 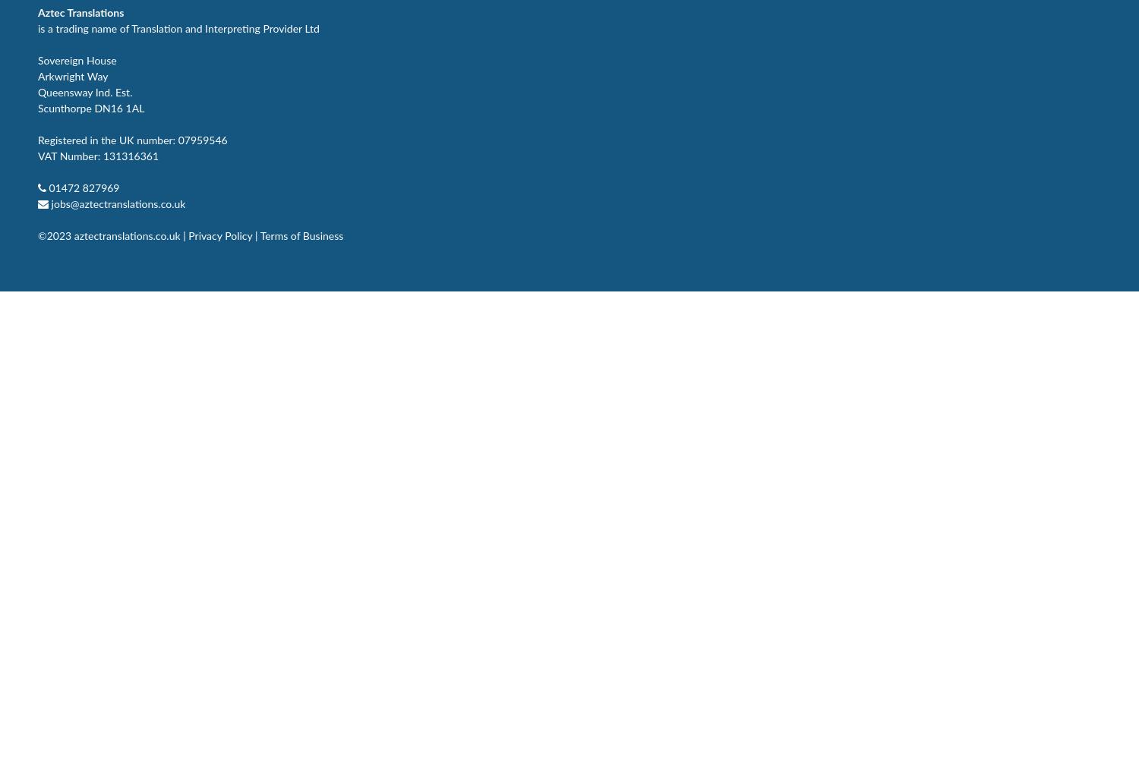 I want to click on 'Registered in the UK number: 07959546', so click(x=132, y=140).